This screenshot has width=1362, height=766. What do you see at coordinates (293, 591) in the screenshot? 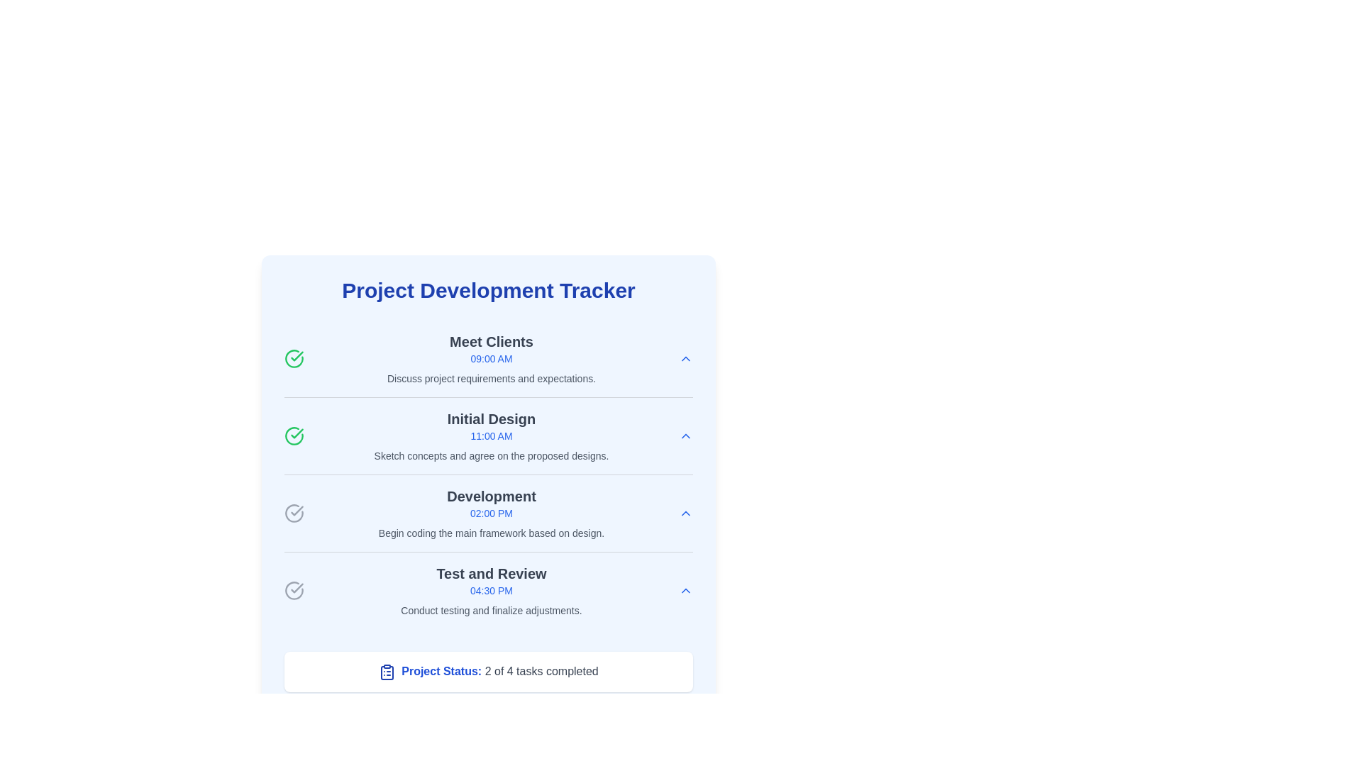
I see `the Status Icon (Checkmark), which is a circular gray icon with a checkmark indicating an unchecked state, positioned to the left of 'Test and Review' and '04:30 PM'` at bounding box center [293, 591].